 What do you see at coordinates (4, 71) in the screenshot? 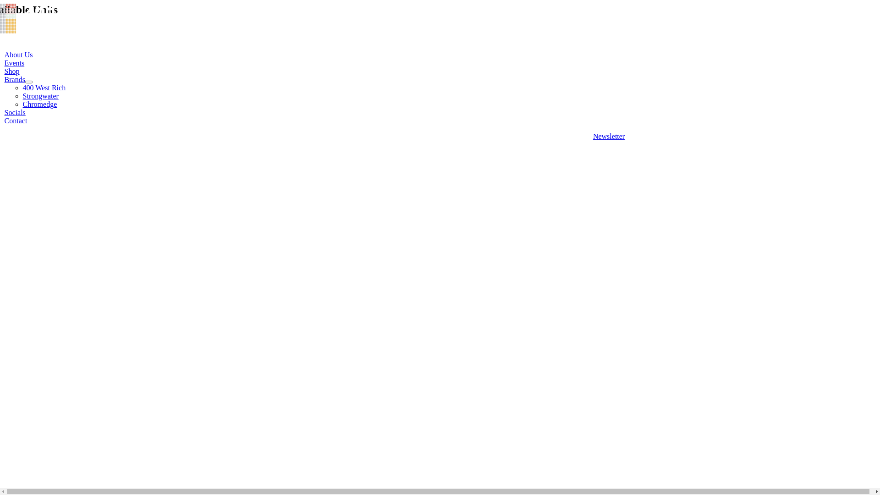
I see `'Shop'` at bounding box center [4, 71].